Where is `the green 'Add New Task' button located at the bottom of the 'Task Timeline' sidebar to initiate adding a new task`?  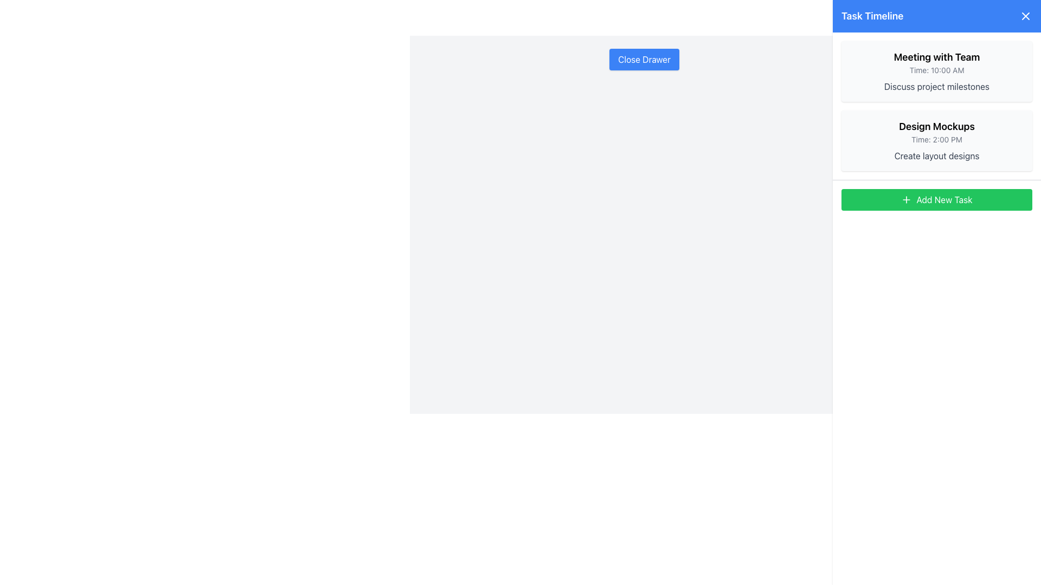 the green 'Add New Task' button located at the bottom of the 'Task Timeline' sidebar to initiate adding a new task is located at coordinates (936, 200).